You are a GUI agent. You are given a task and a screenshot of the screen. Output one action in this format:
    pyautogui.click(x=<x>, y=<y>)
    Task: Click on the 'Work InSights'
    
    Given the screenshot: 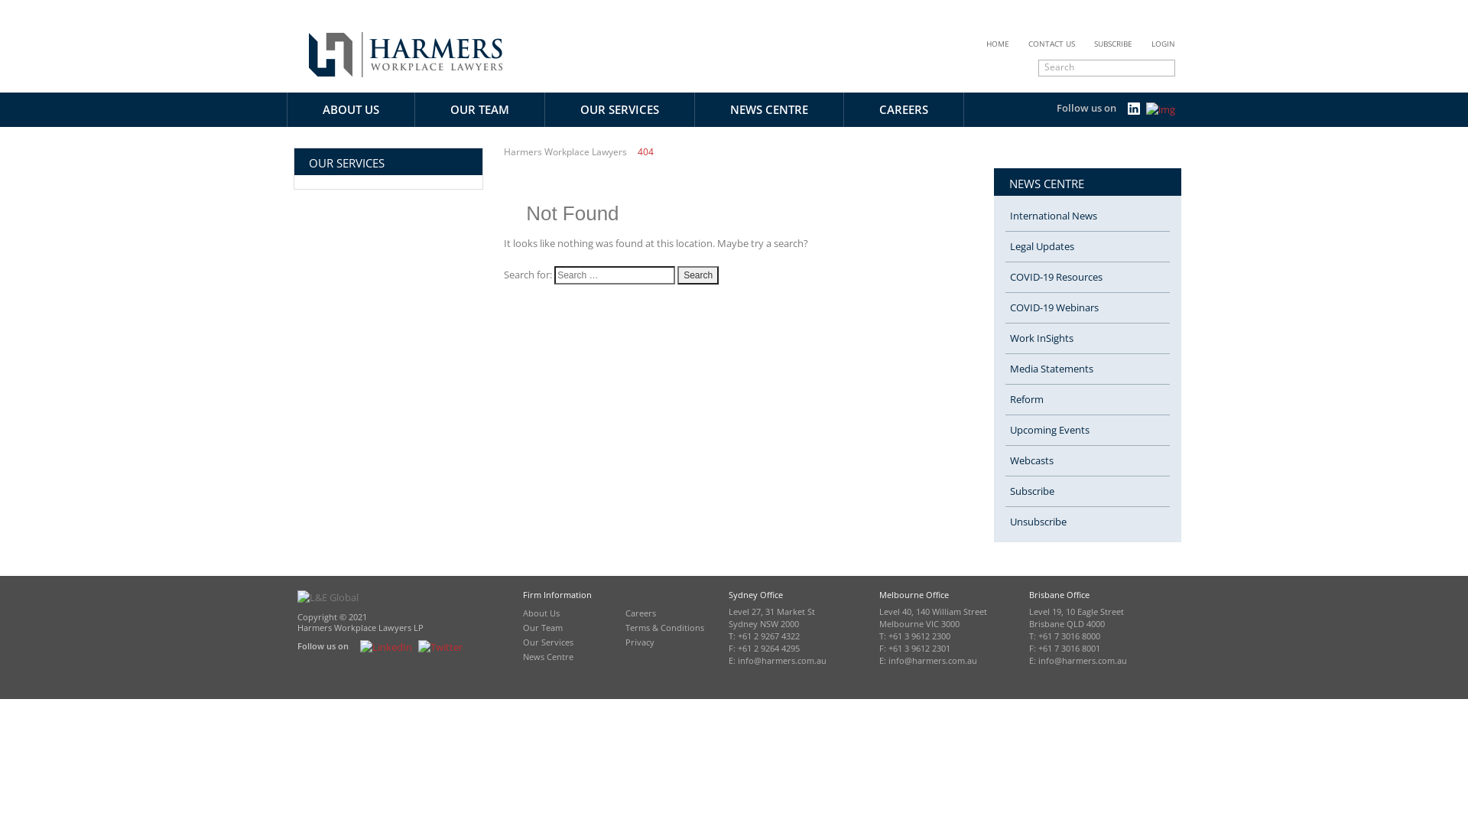 What is the action you would take?
    pyautogui.click(x=1086, y=338)
    